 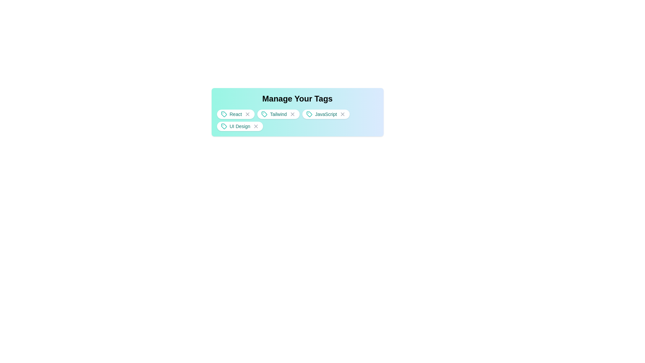 I want to click on the close button of the tag JavaScript to remove it, so click(x=341, y=114).